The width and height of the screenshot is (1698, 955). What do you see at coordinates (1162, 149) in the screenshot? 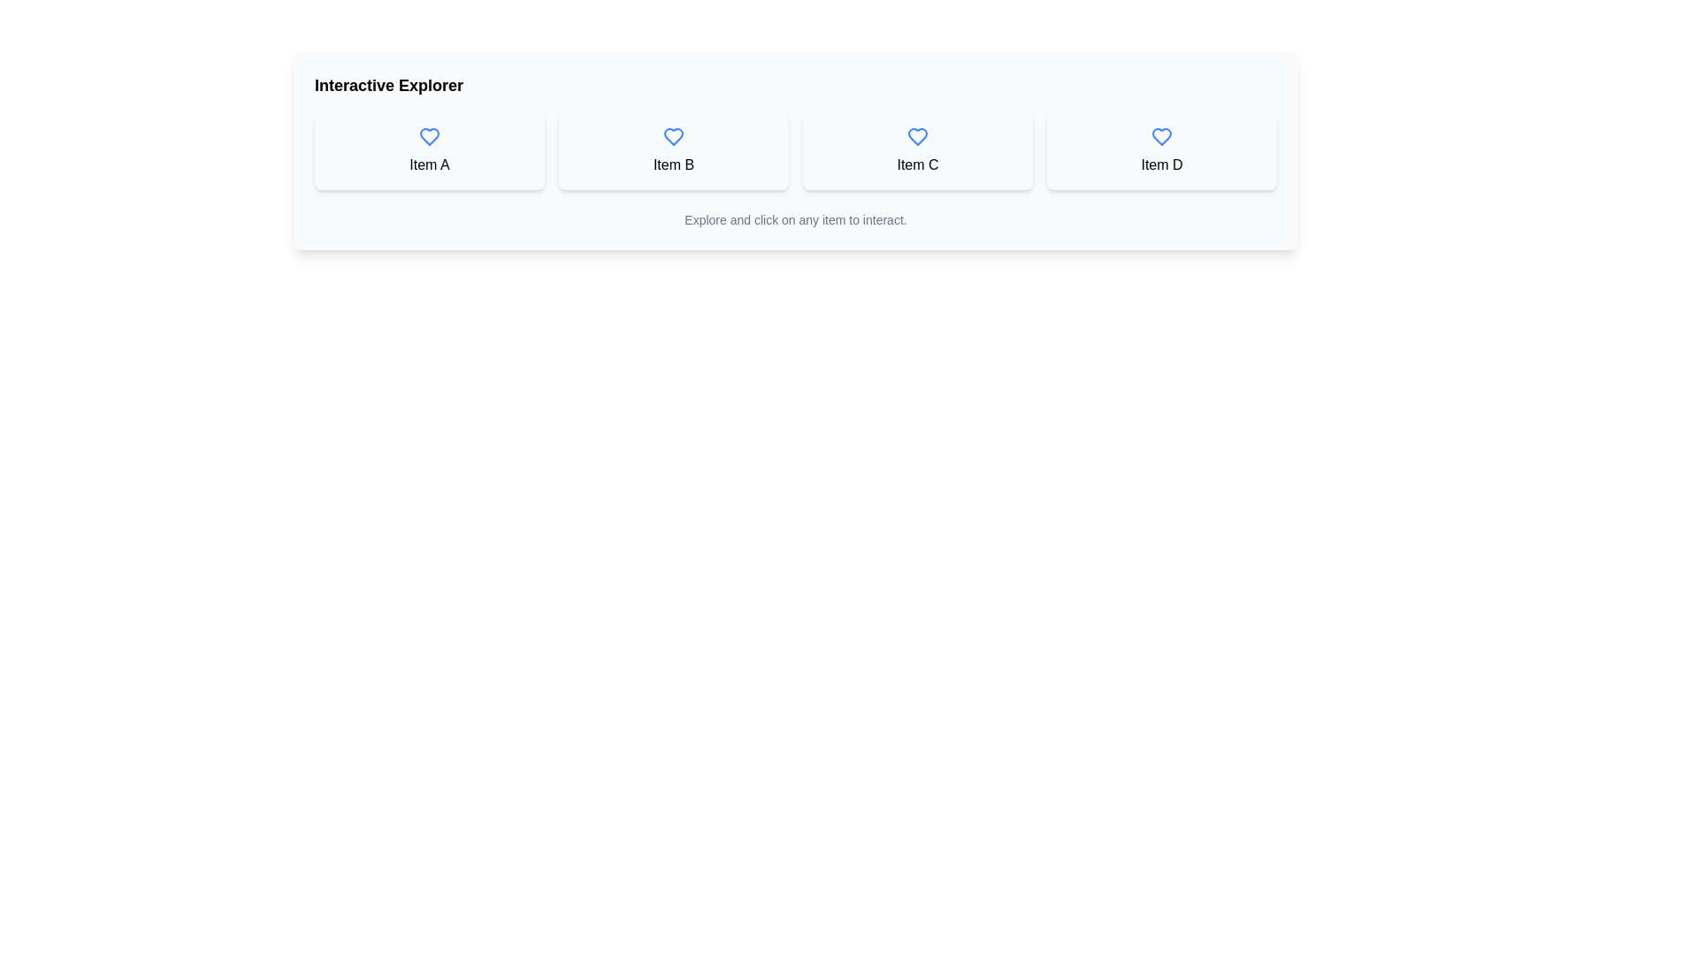
I see `the button with a centered heart icon and the text 'Item D' to trigger the tooltip or animation` at bounding box center [1162, 149].